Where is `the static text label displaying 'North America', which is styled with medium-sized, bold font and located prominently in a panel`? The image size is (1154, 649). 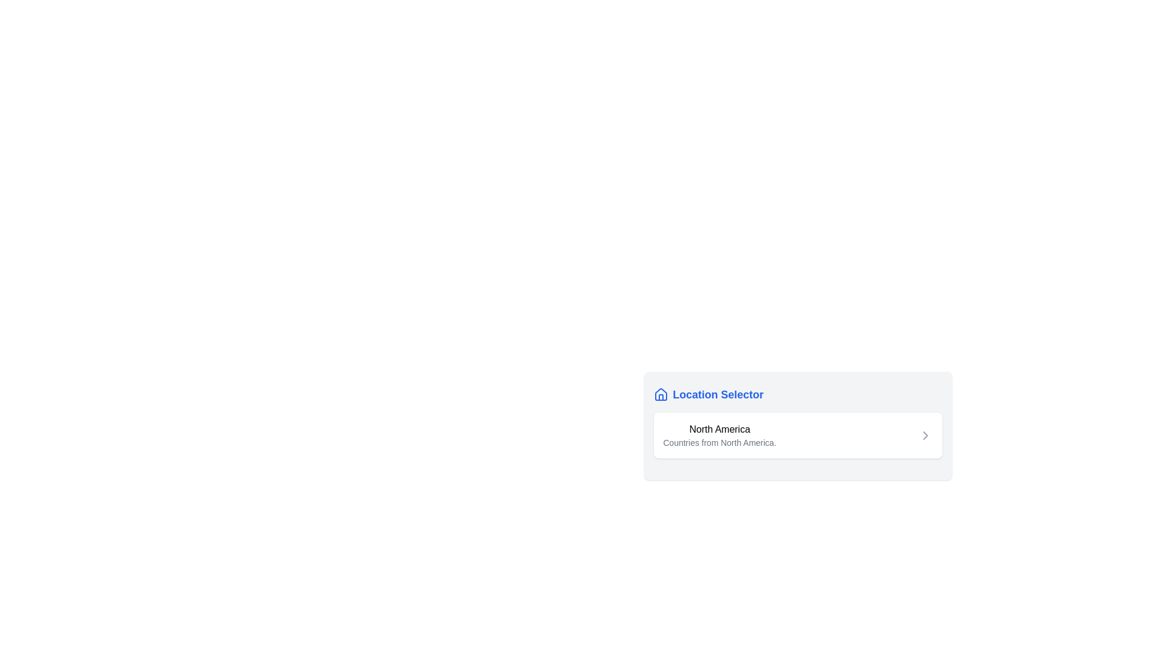 the static text label displaying 'North America', which is styled with medium-sized, bold font and located prominently in a panel is located at coordinates (719, 428).